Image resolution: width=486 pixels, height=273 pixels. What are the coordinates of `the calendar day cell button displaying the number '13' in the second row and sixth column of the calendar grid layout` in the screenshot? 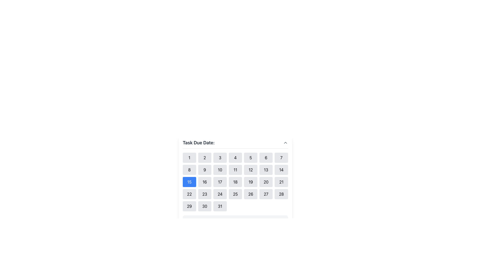 It's located at (266, 170).